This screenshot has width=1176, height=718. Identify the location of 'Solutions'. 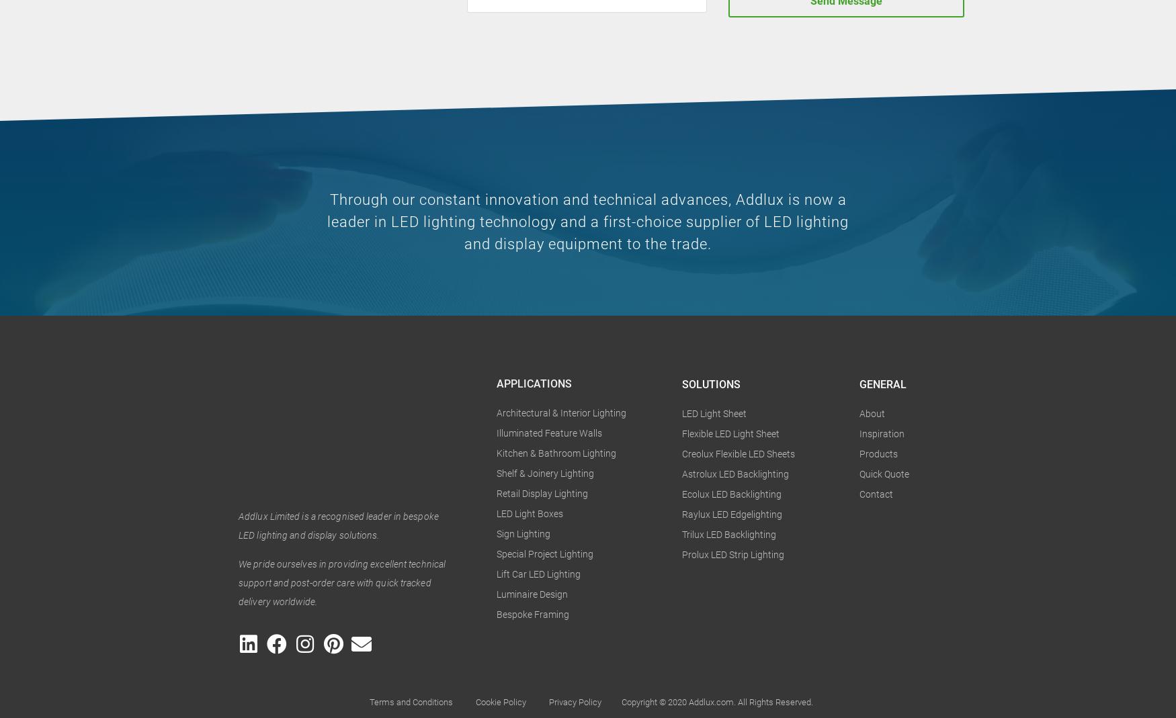
(710, 384).